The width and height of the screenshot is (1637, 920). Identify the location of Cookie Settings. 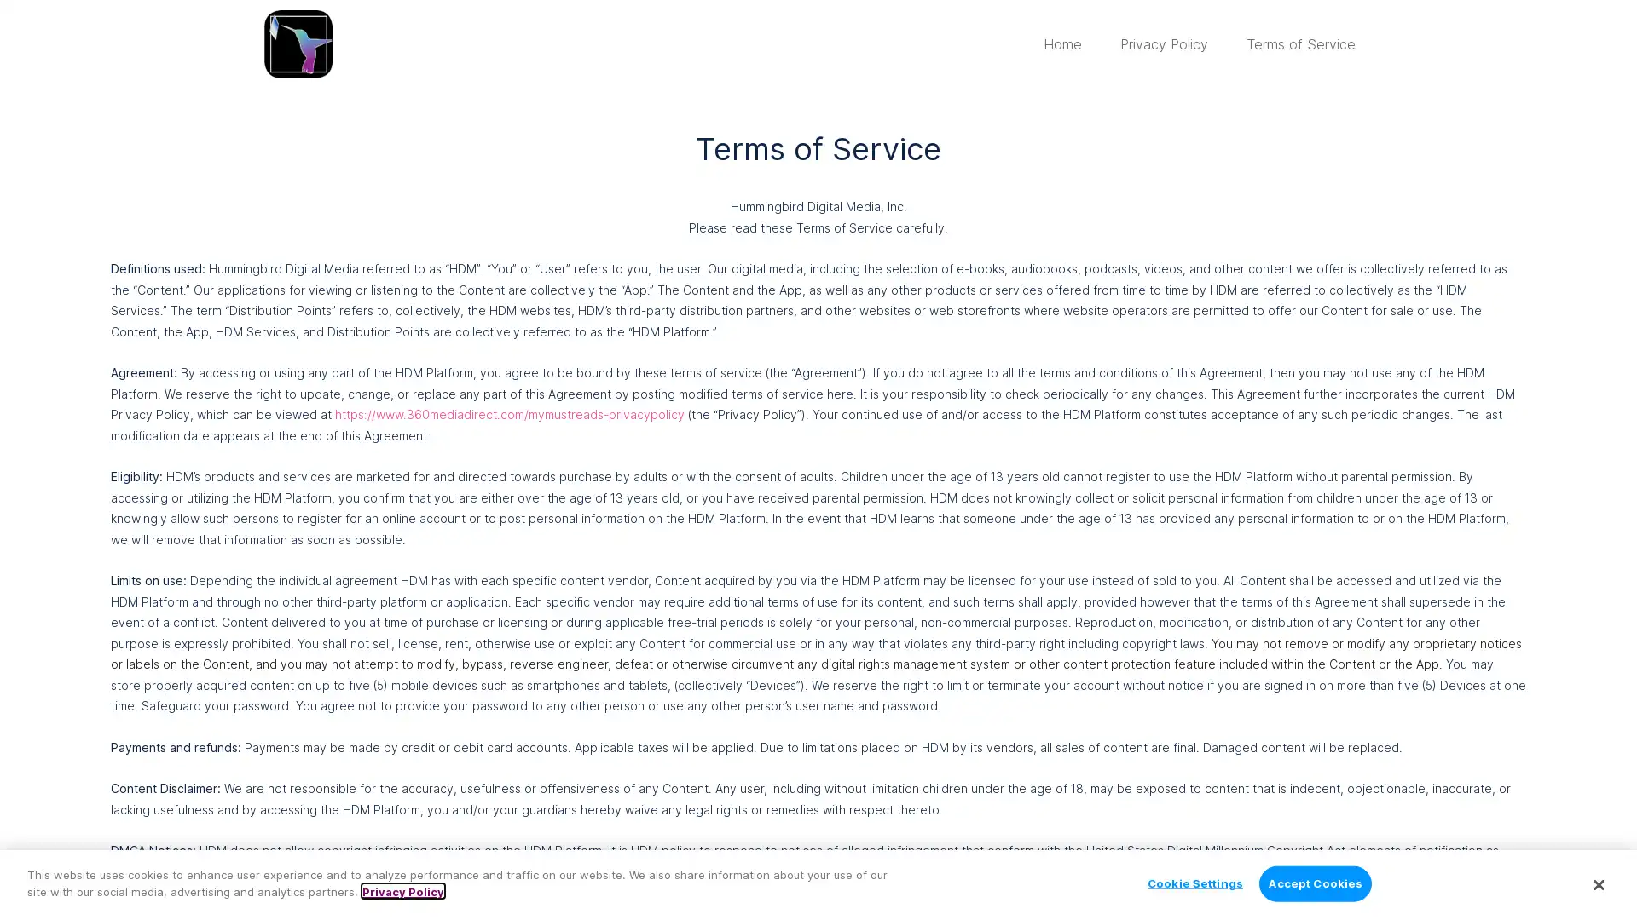
(1189, 883).